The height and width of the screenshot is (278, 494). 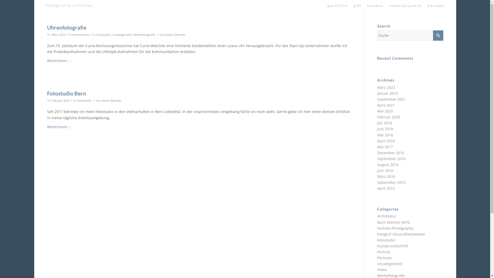 What do you see at coordinates (357, 6) in the screenshot?
I see `'p d f'` at bounding box center [357, 6].